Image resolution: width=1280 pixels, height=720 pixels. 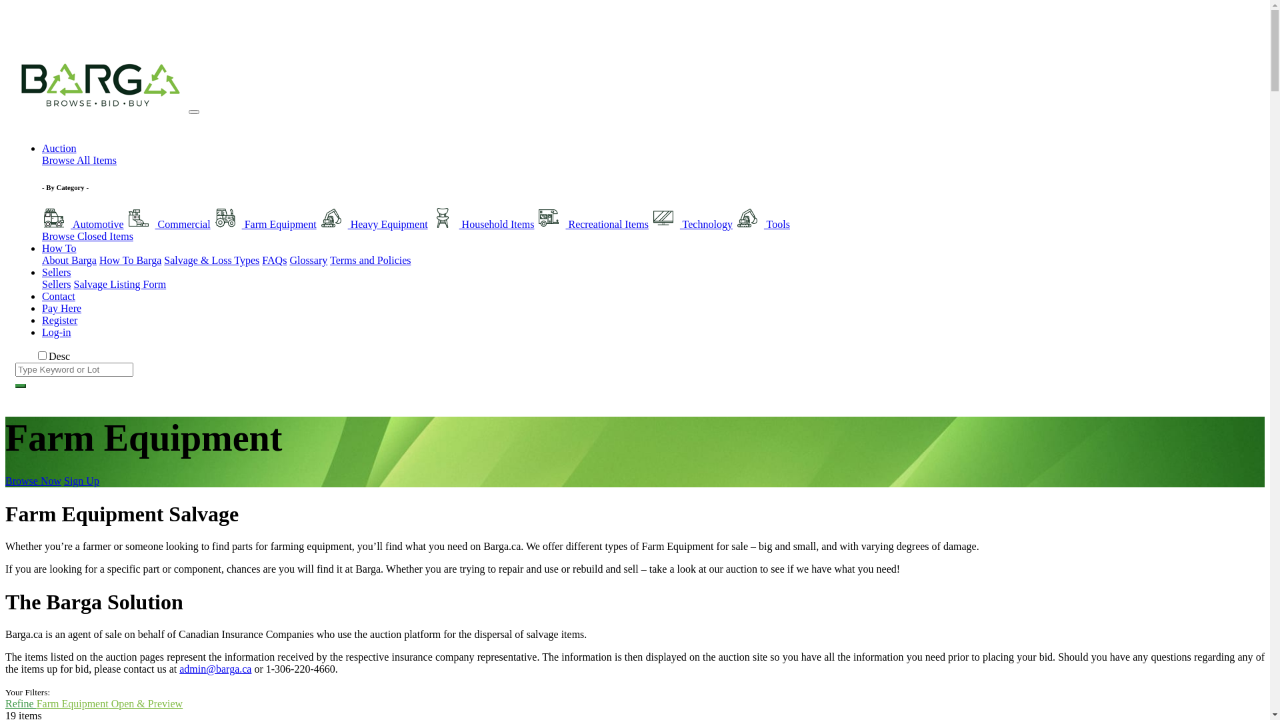 What do you see at coordinates (57, 295) in the screenshot?
I see `'Contact'` at bounding box center [57, 295].